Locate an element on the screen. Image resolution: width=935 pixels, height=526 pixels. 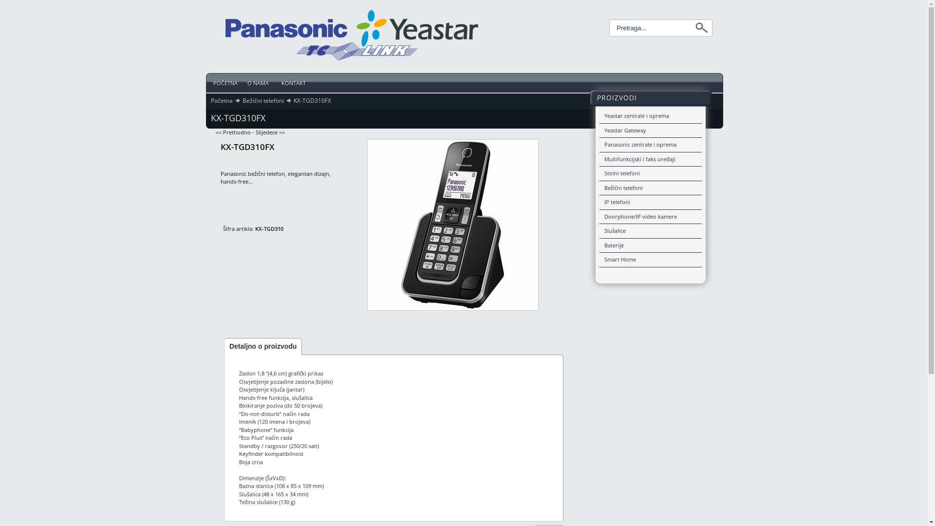
'Stolni telefoni' is located at coordinates (650, 173).